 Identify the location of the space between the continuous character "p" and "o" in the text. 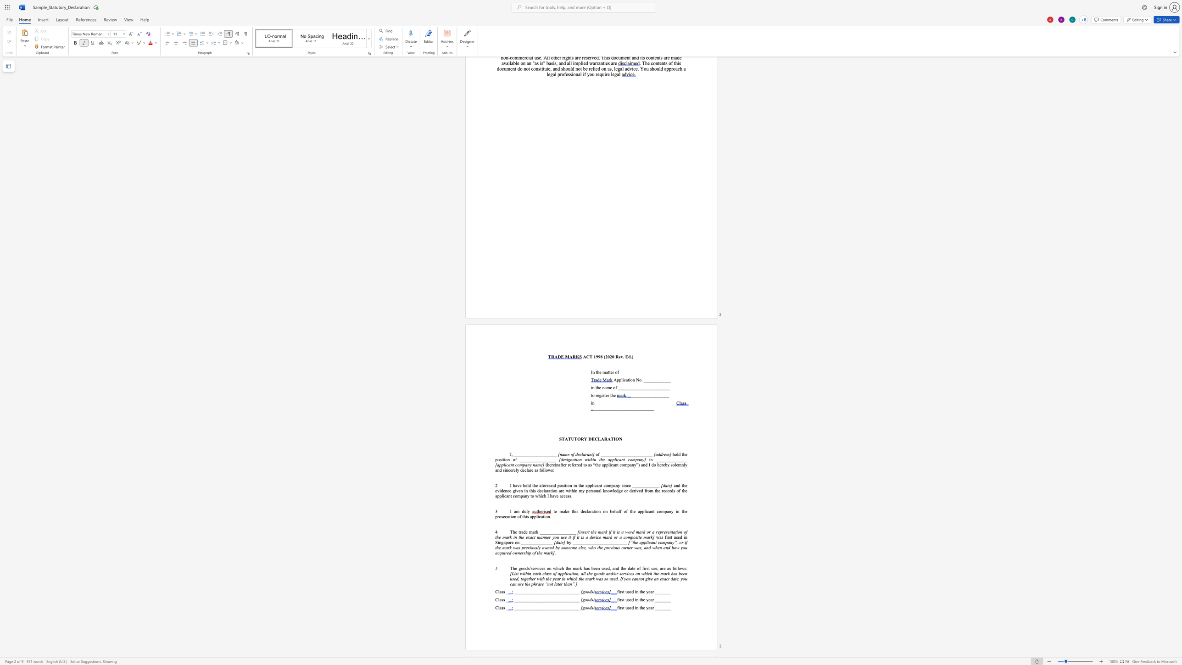
(559, 485).